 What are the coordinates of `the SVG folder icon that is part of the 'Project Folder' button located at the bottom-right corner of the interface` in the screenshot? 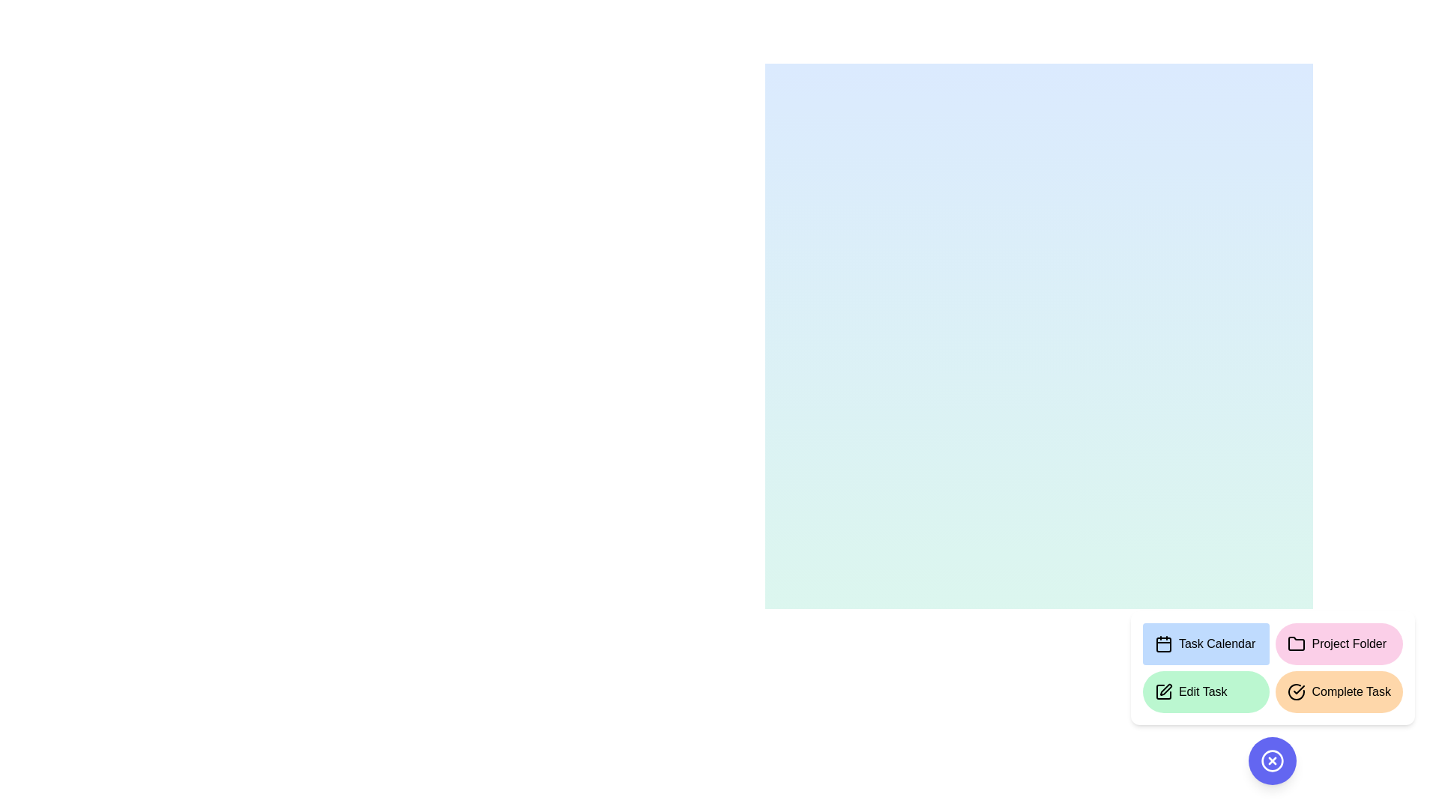 It's located at (1296, 643).